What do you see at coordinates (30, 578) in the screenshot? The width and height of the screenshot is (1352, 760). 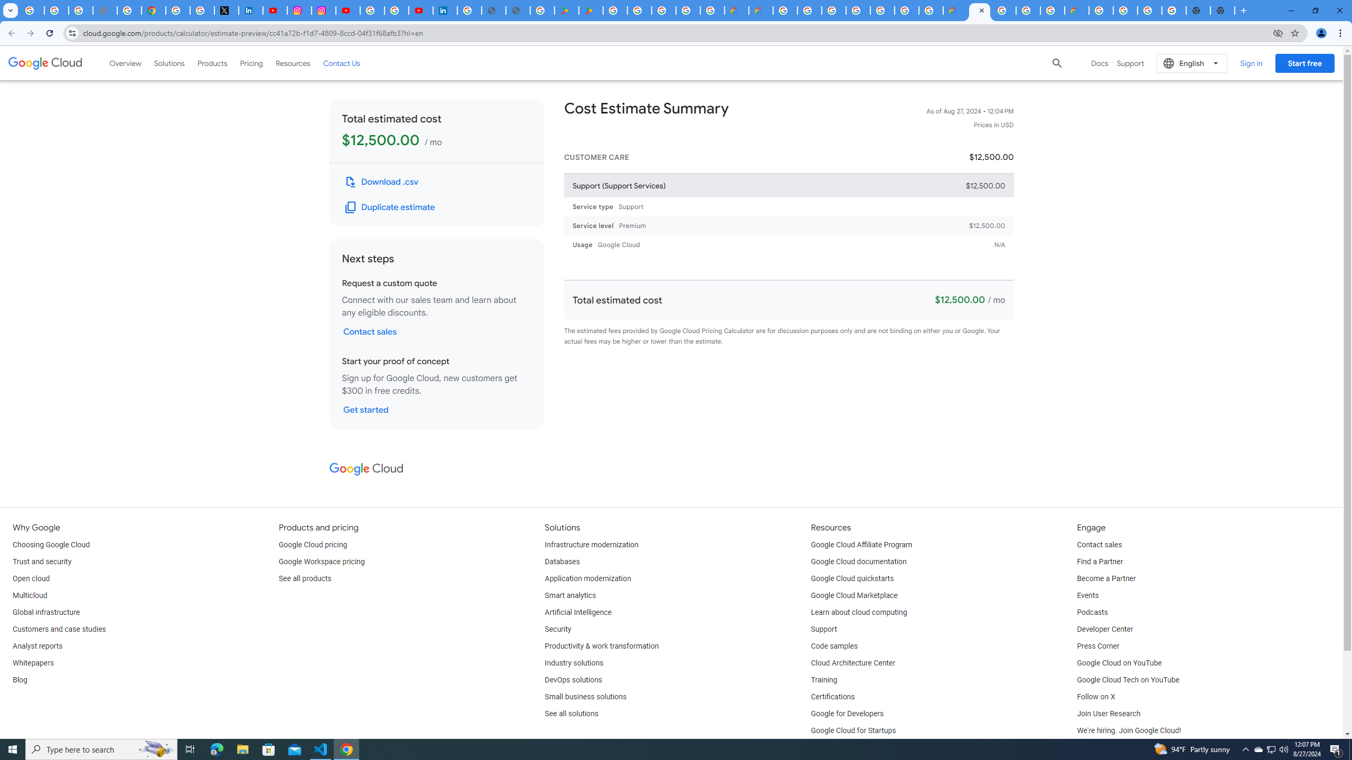 I see `'Open cloud'` at bounding box center [30, 578].